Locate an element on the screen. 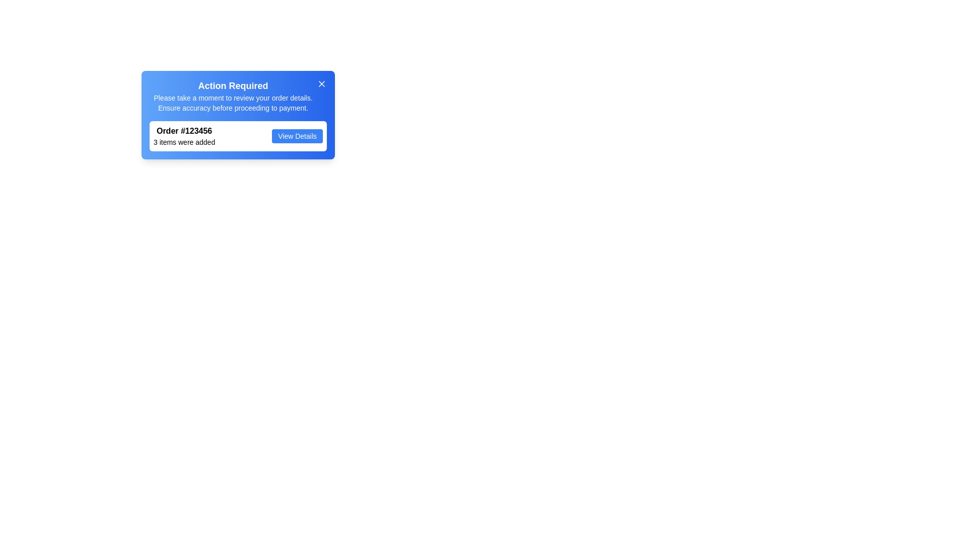 This screenshot has width=967, height=543. static instructional text located directly beneath the heading 'Action Required' in the dialog box, which prompts the user to verify their order details for correctness is located at coordinates (232, 103).